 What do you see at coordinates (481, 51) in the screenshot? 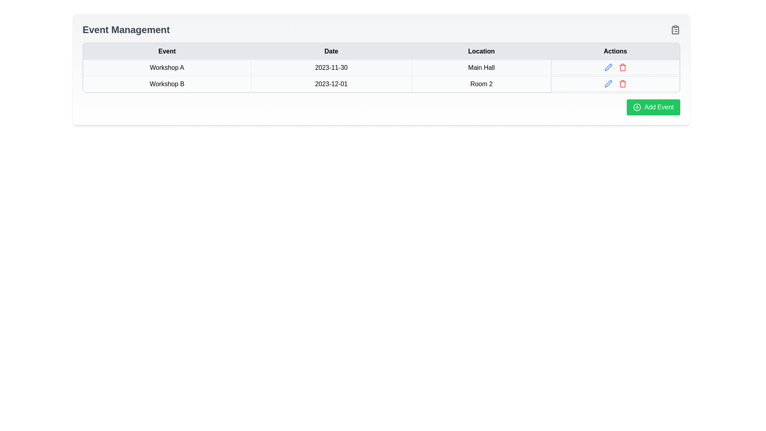
I see `the 'Location' header cell in the table, which is the third cell in the header row, located between the 'Date' and 'Actions' cells` at bounding box center [481, 51].